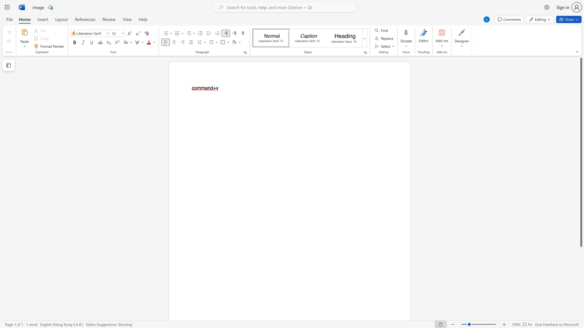 The image size is (584, 328). What do you see at coordinates (581, 261) in the screenshot?
I see `the page's right scrollbar for downward movement` at bounding box center [581, 261].